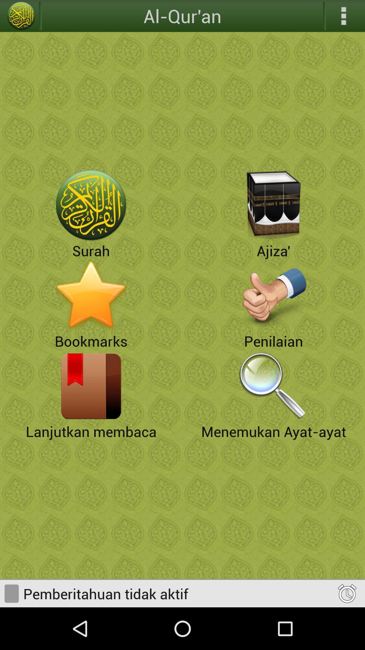 The image size is (365, 650). What do you see at coordinates (91, 386) in the screenshot?
I see `click the app` at bounding box center [91, 386].